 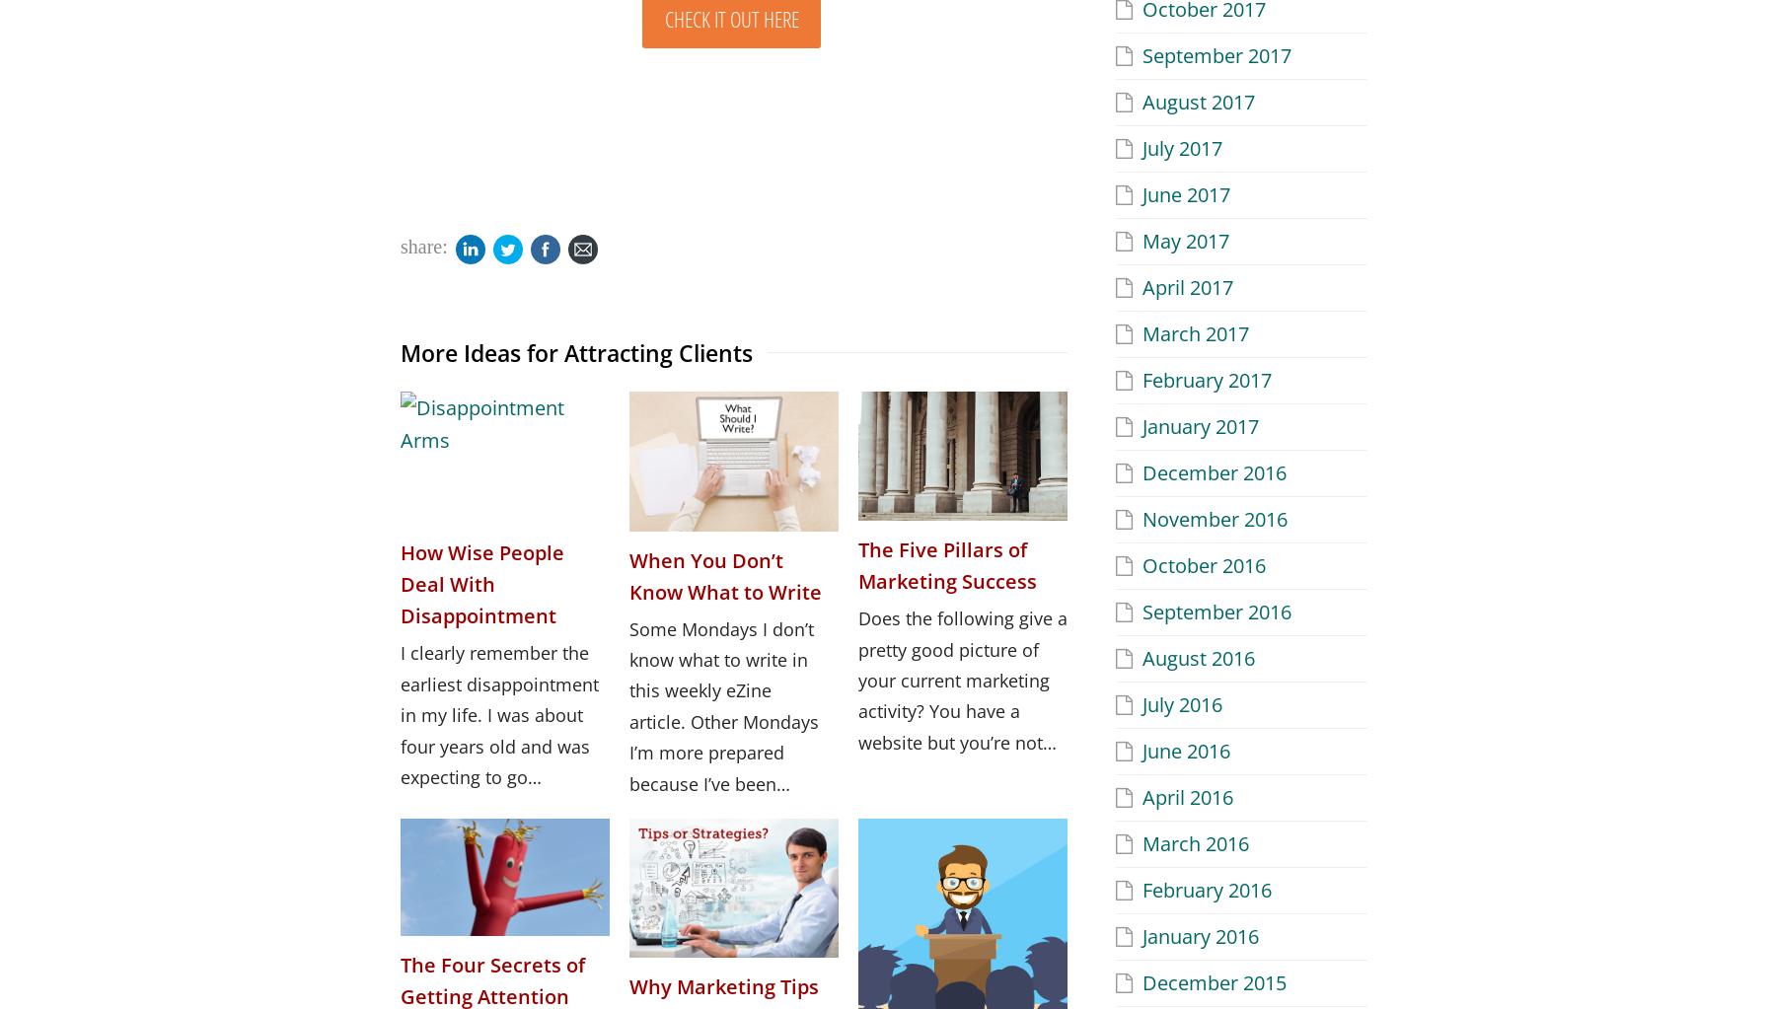 I want to click on 'June 2017', so click(x=1142, y=193).